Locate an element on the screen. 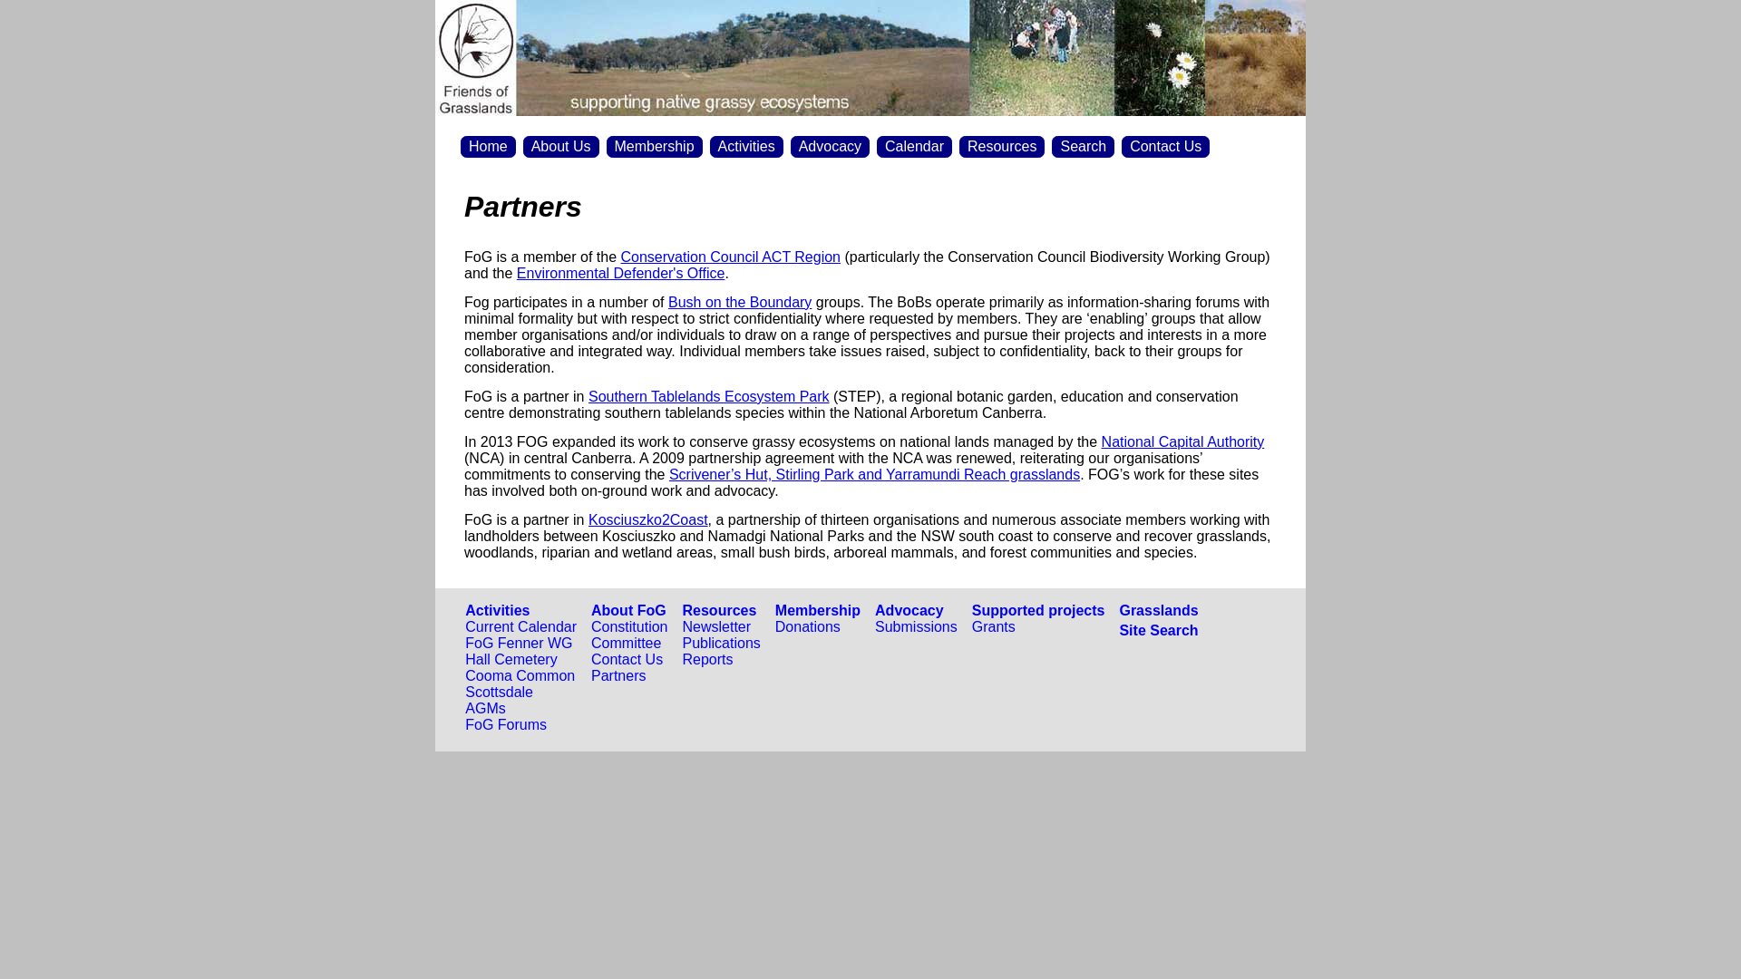 This screenshot has height=979, width=1741. 'Resources' is located at coordinates (958, 146).